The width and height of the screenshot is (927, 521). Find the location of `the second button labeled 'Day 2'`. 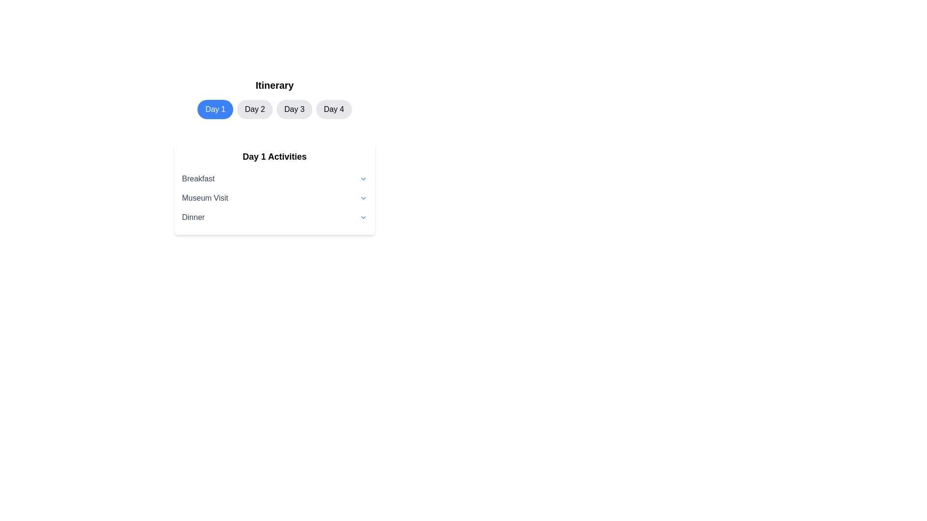

the second button labeled 'Day 2' is located at coordinates (255, 109).